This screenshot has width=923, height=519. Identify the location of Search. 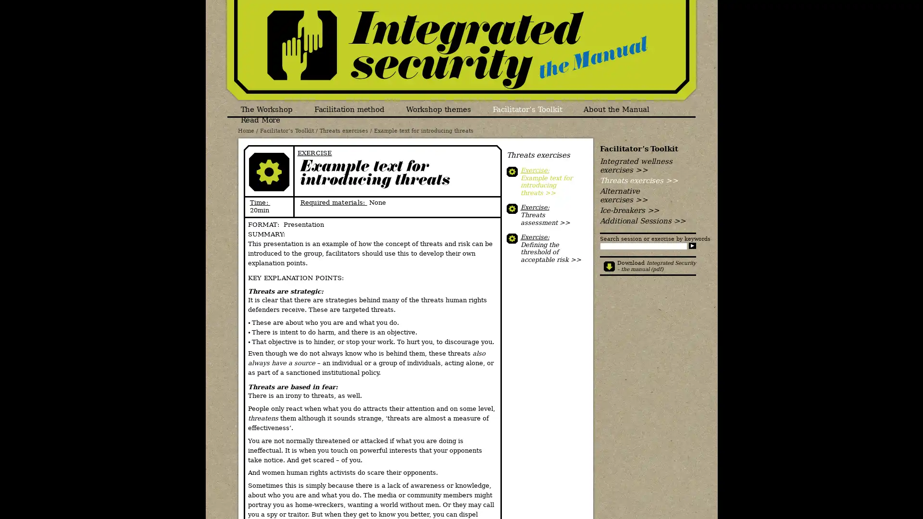
(691, 245).